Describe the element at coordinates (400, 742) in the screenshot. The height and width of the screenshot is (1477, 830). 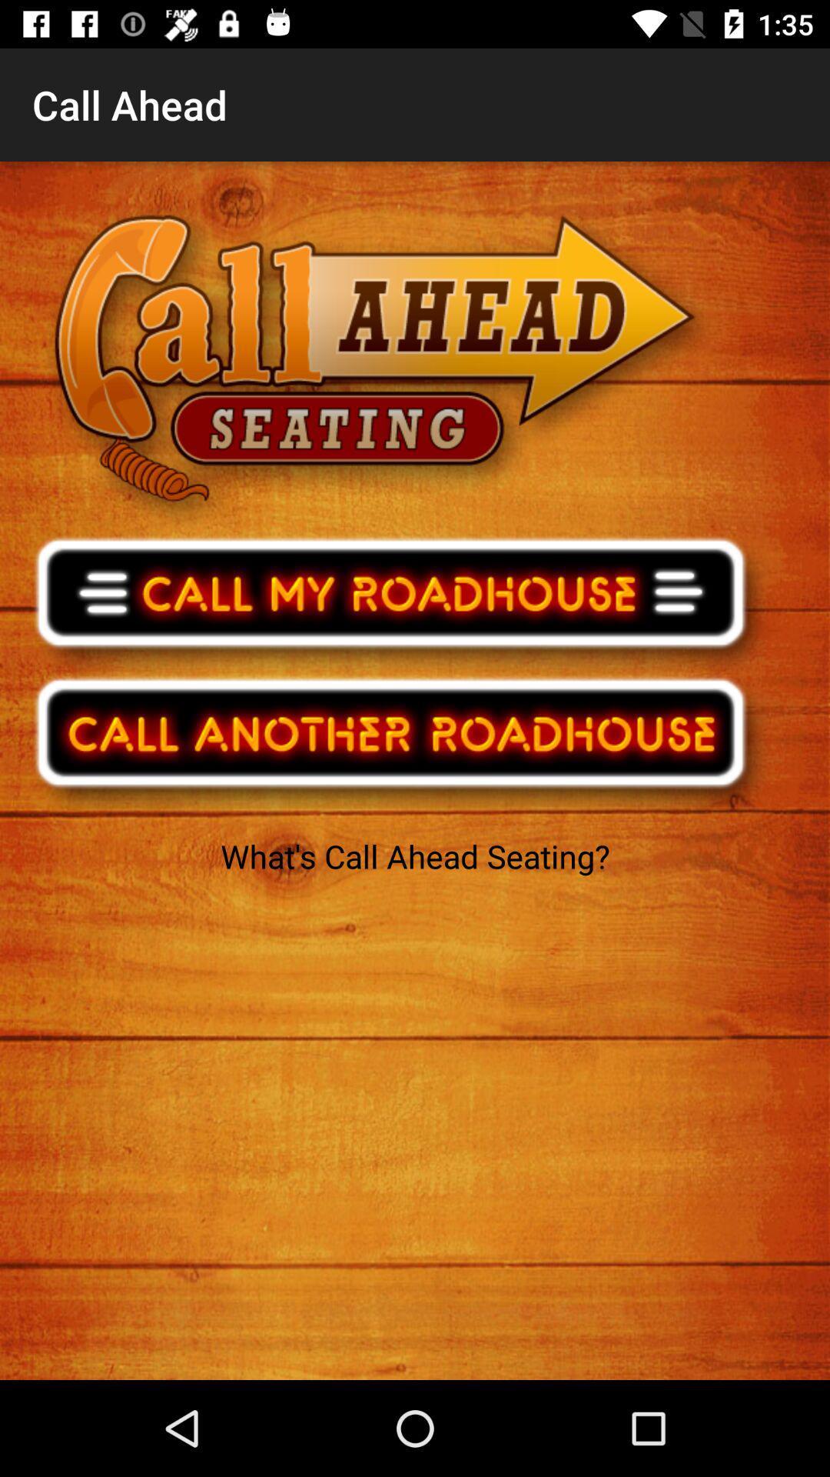
I see `call another roadhouse` at that location.